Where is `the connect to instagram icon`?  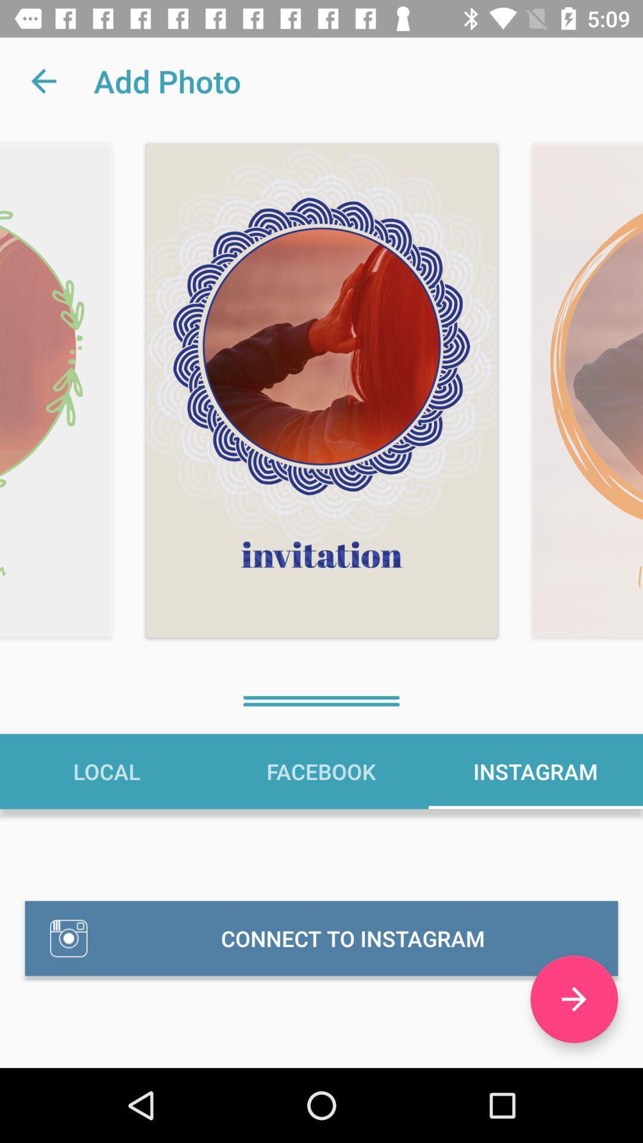
the connect to instagram icon is located at coordinates (321, 938).